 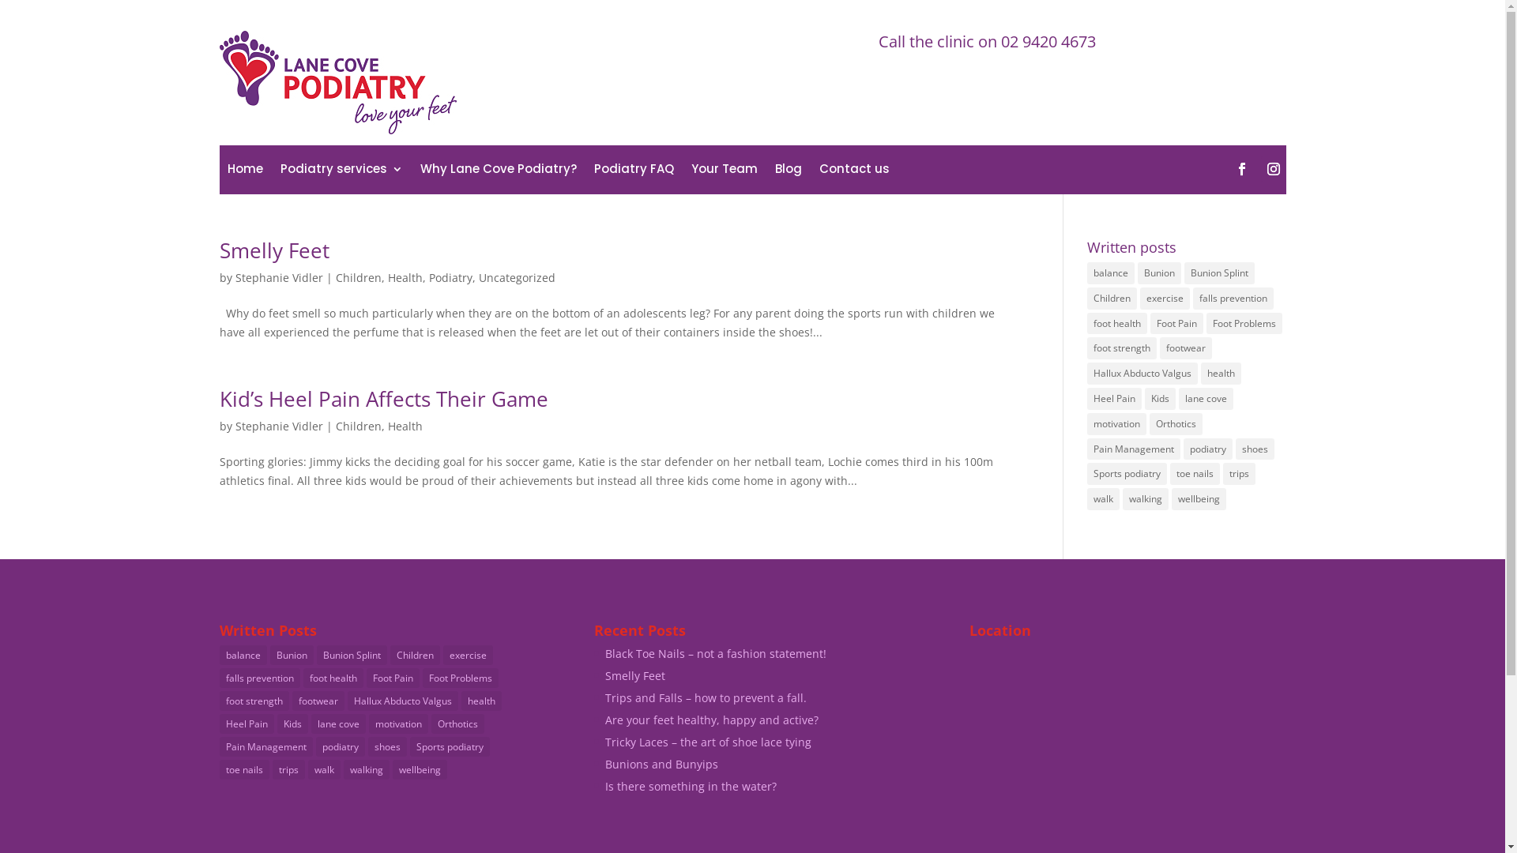 I want to click on 'Kids', so click(x=292, y=723).